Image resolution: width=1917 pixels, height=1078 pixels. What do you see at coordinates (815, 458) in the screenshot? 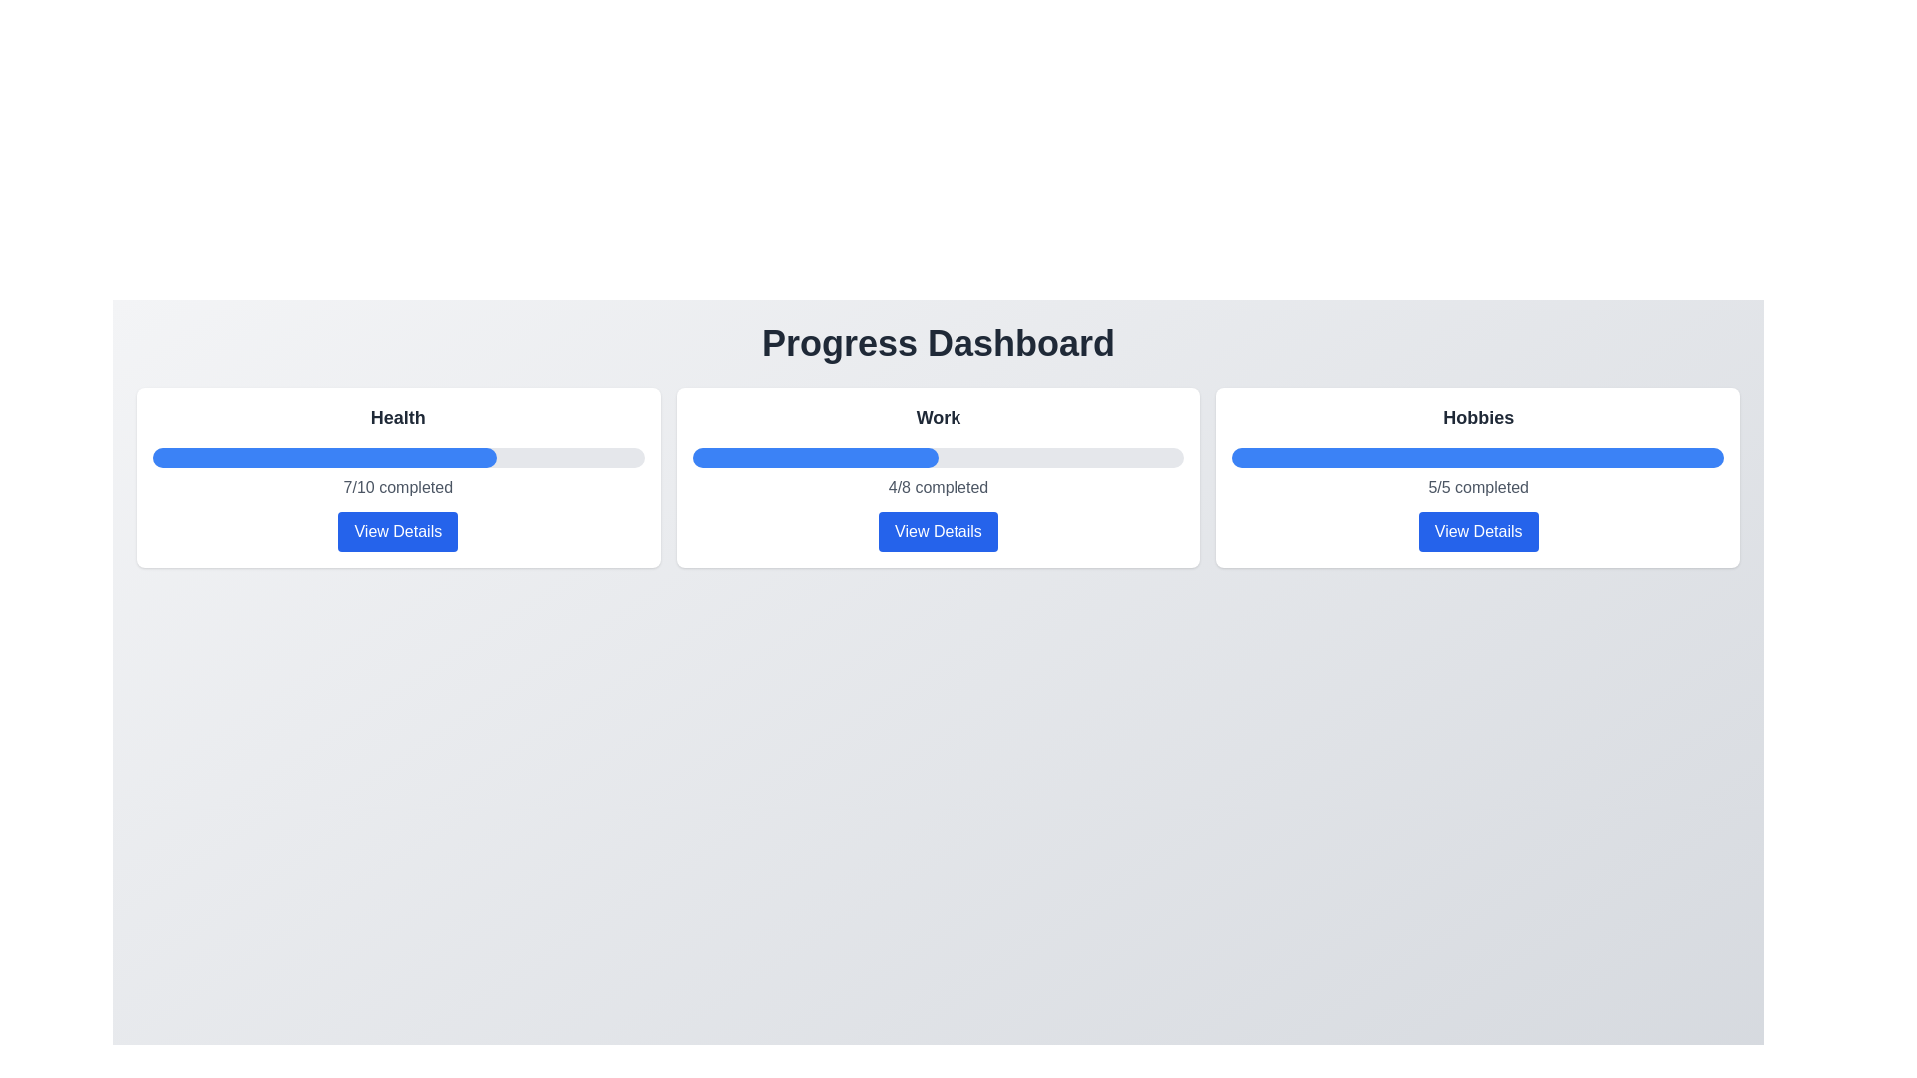
I see `the progress bar indicating 50% completion in the 'Work' section of the 'Progress Dashboard'` at bounding box center [815, 458].